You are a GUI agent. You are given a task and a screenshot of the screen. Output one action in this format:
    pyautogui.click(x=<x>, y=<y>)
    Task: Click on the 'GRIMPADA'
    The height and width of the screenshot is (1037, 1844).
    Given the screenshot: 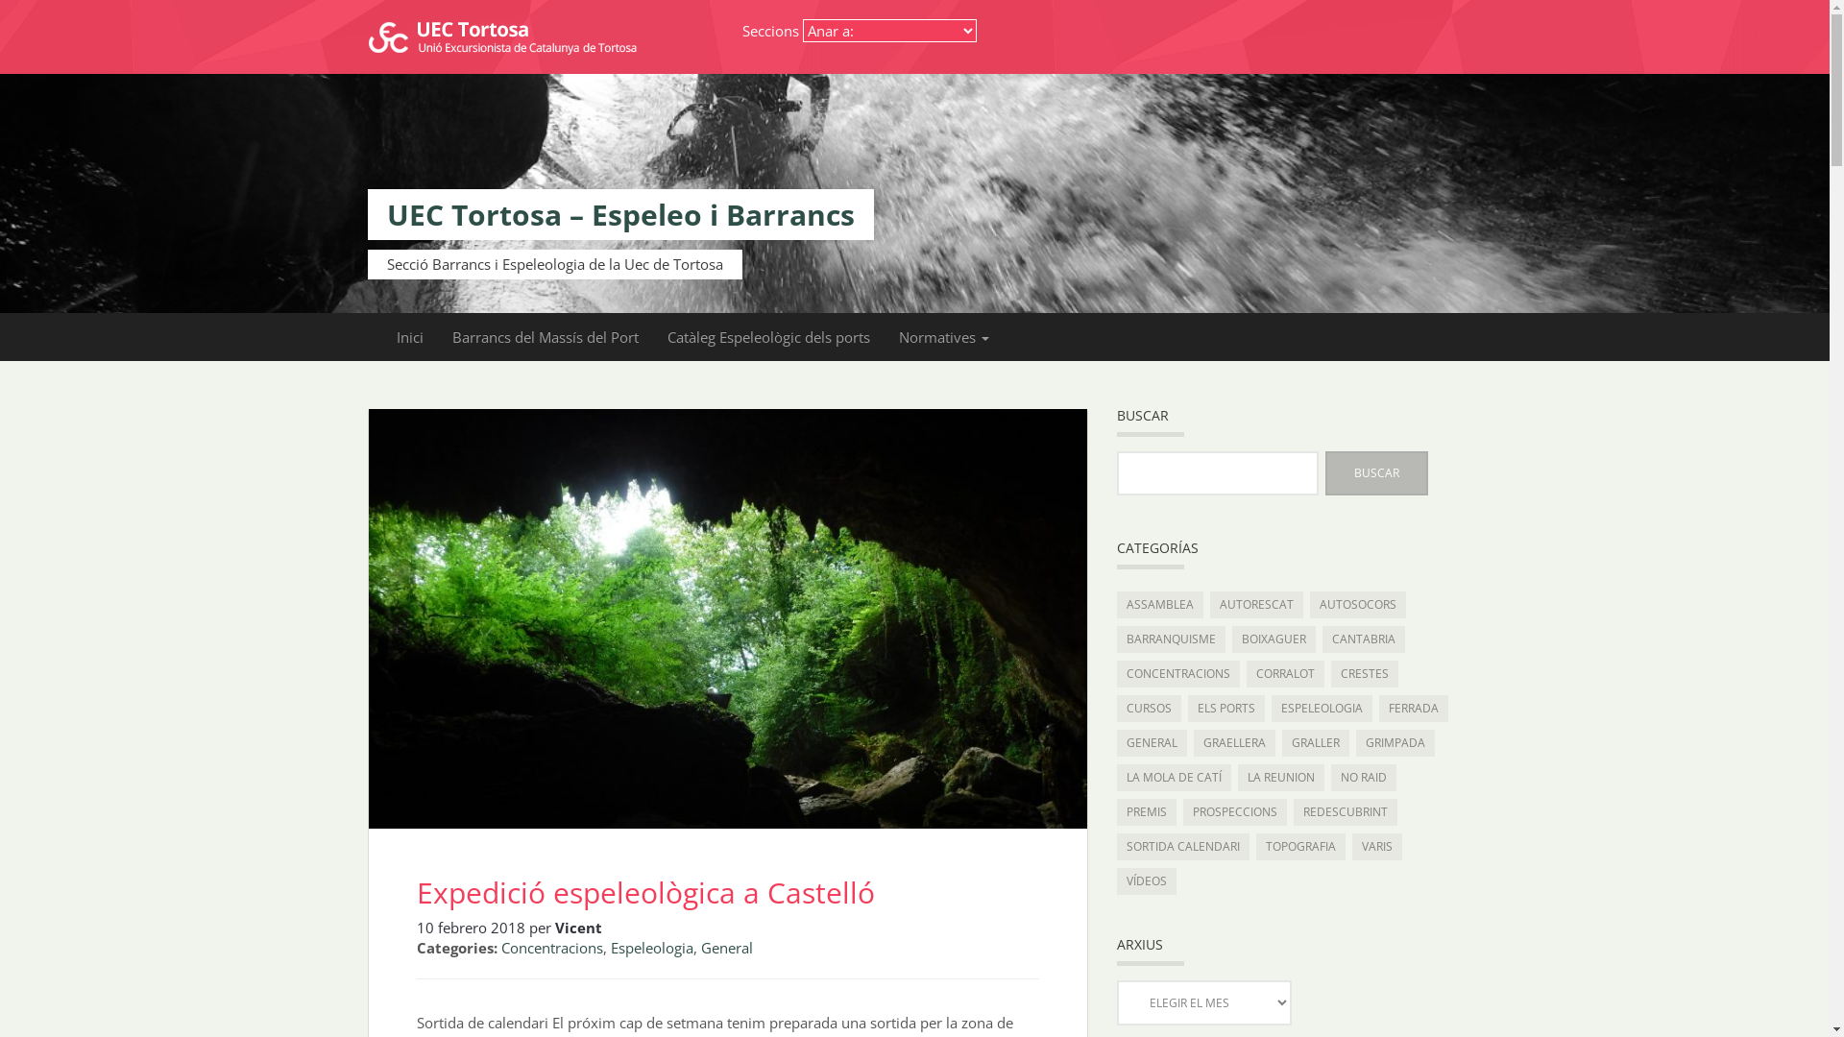 What is the action you would take?
    pyautogui.click(x=1395, y=742)
    